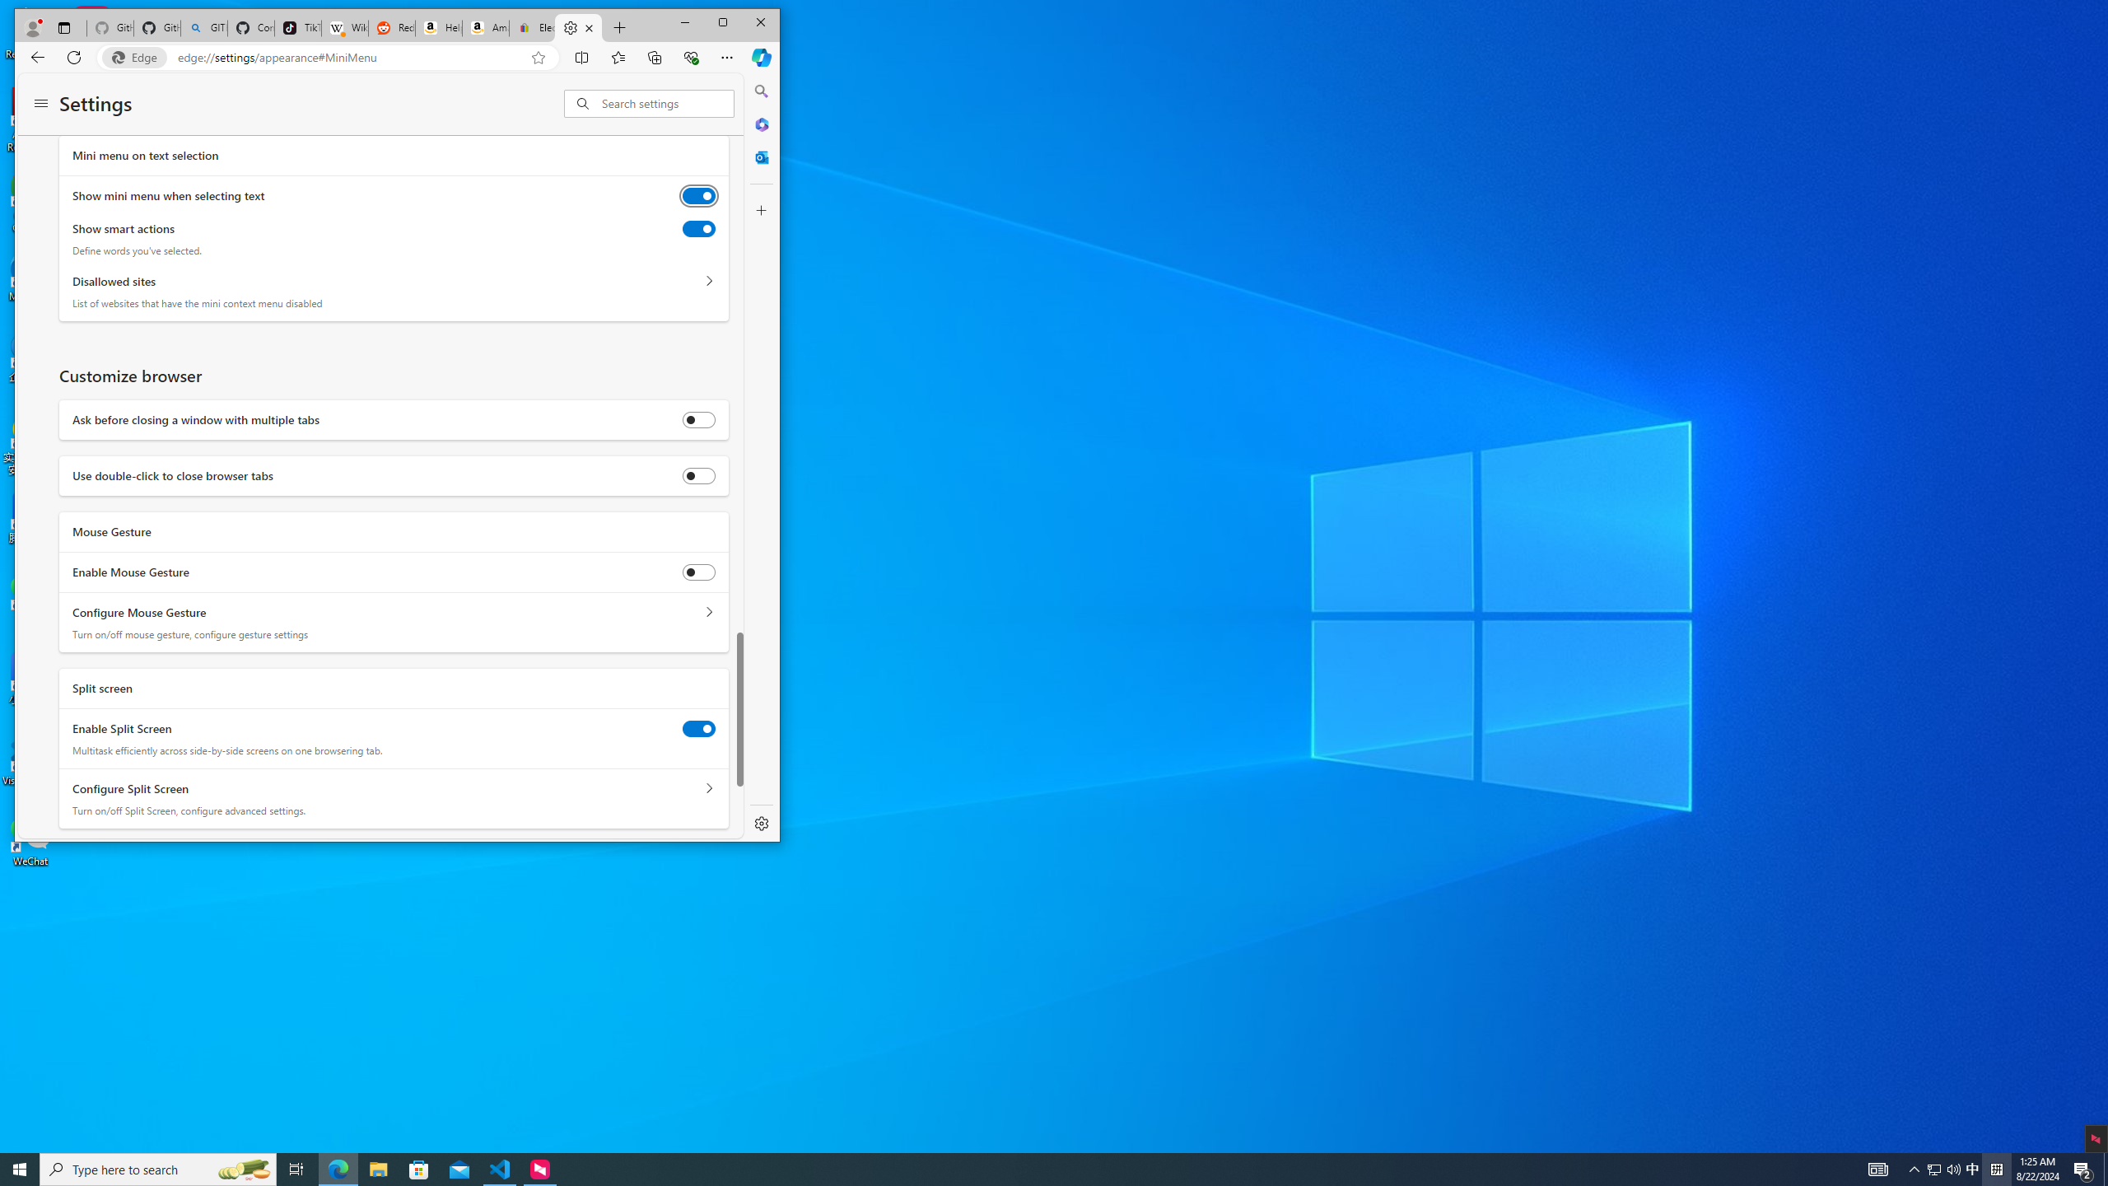  What do you see at coordinates (697, 572) in the screenshot?
I see `'Enable Mouse Gesture'` at bounding box center [697, 572].